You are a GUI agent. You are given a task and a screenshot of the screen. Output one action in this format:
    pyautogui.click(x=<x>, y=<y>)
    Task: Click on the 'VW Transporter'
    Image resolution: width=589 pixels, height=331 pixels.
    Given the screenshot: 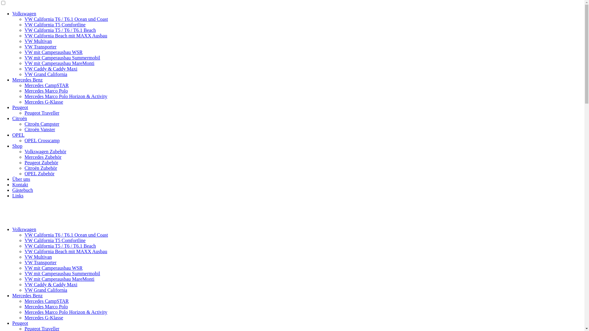 What is the action you would take?
    pyautogui.click(x=40, y=46)
    